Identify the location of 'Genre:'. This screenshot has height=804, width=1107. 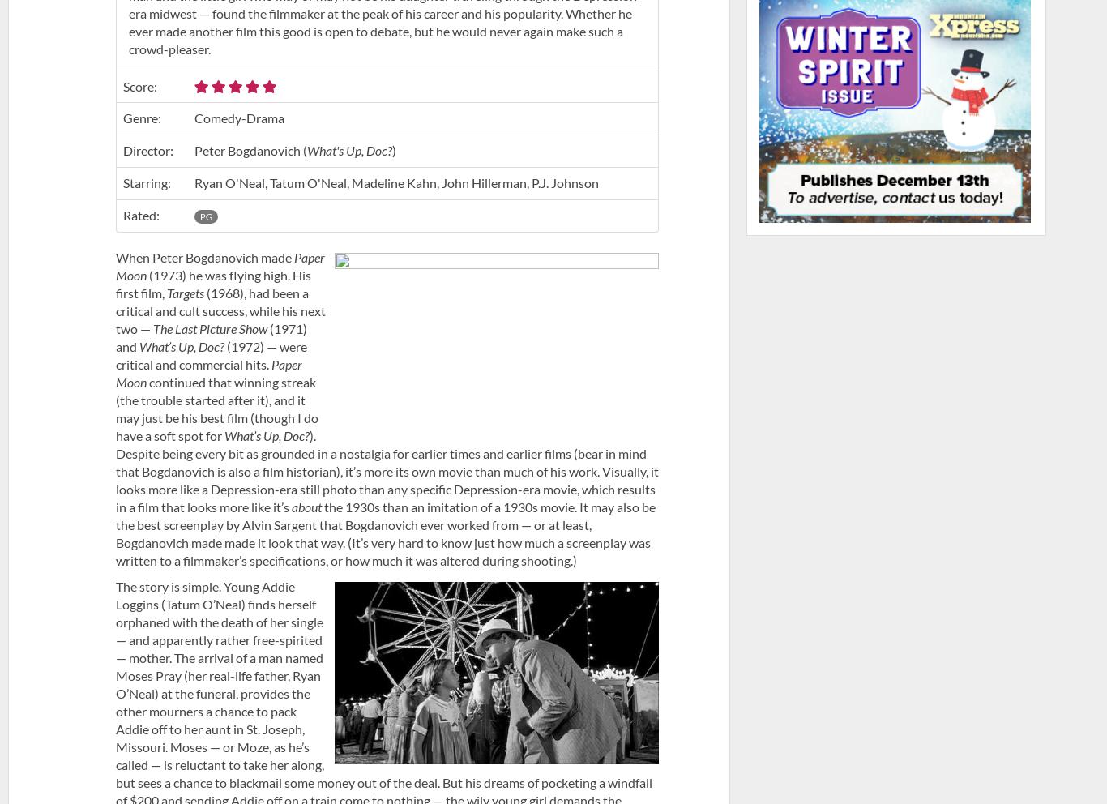
(122, 118).